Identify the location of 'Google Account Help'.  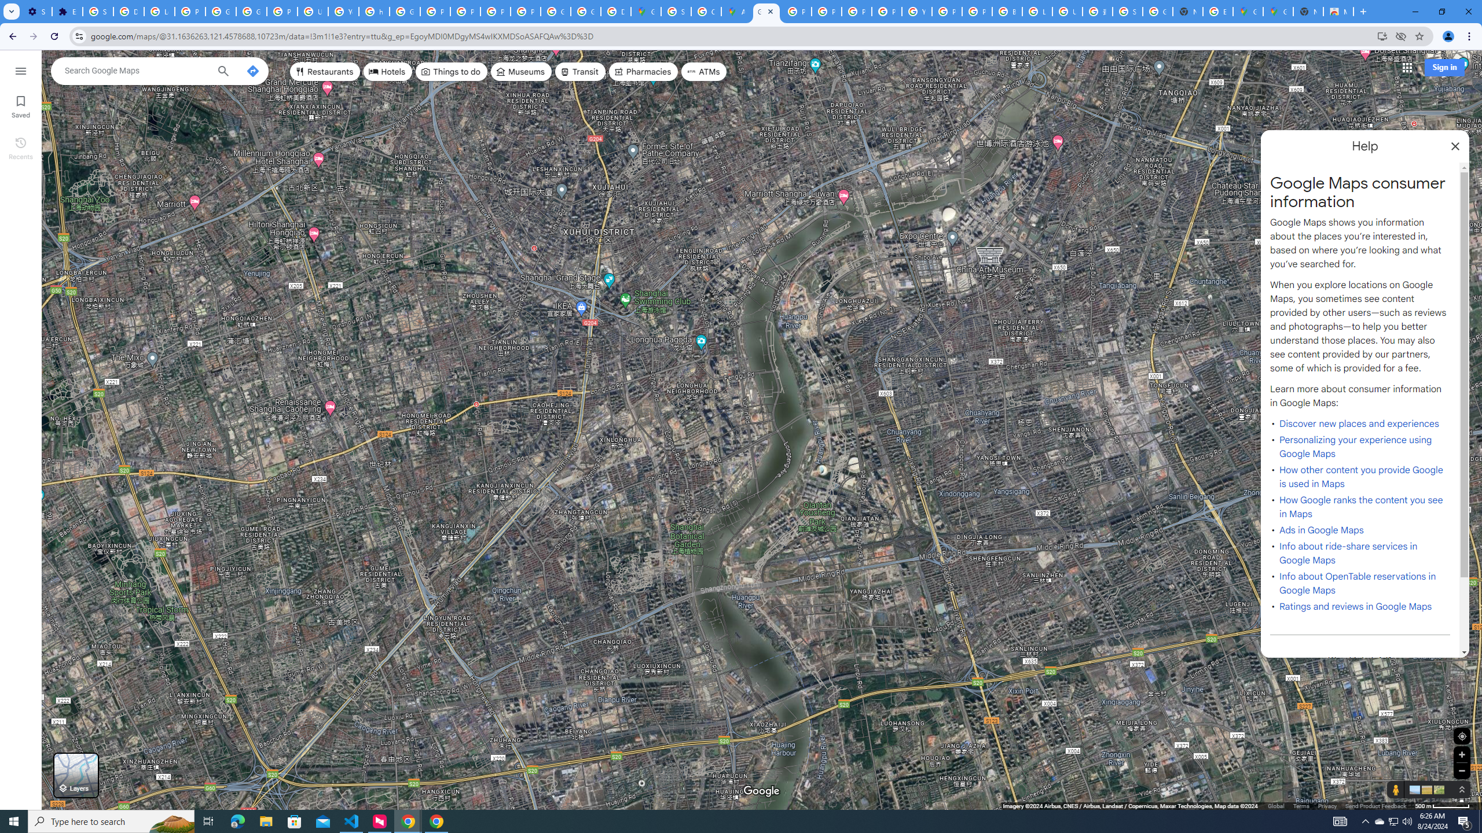
(220, 11).